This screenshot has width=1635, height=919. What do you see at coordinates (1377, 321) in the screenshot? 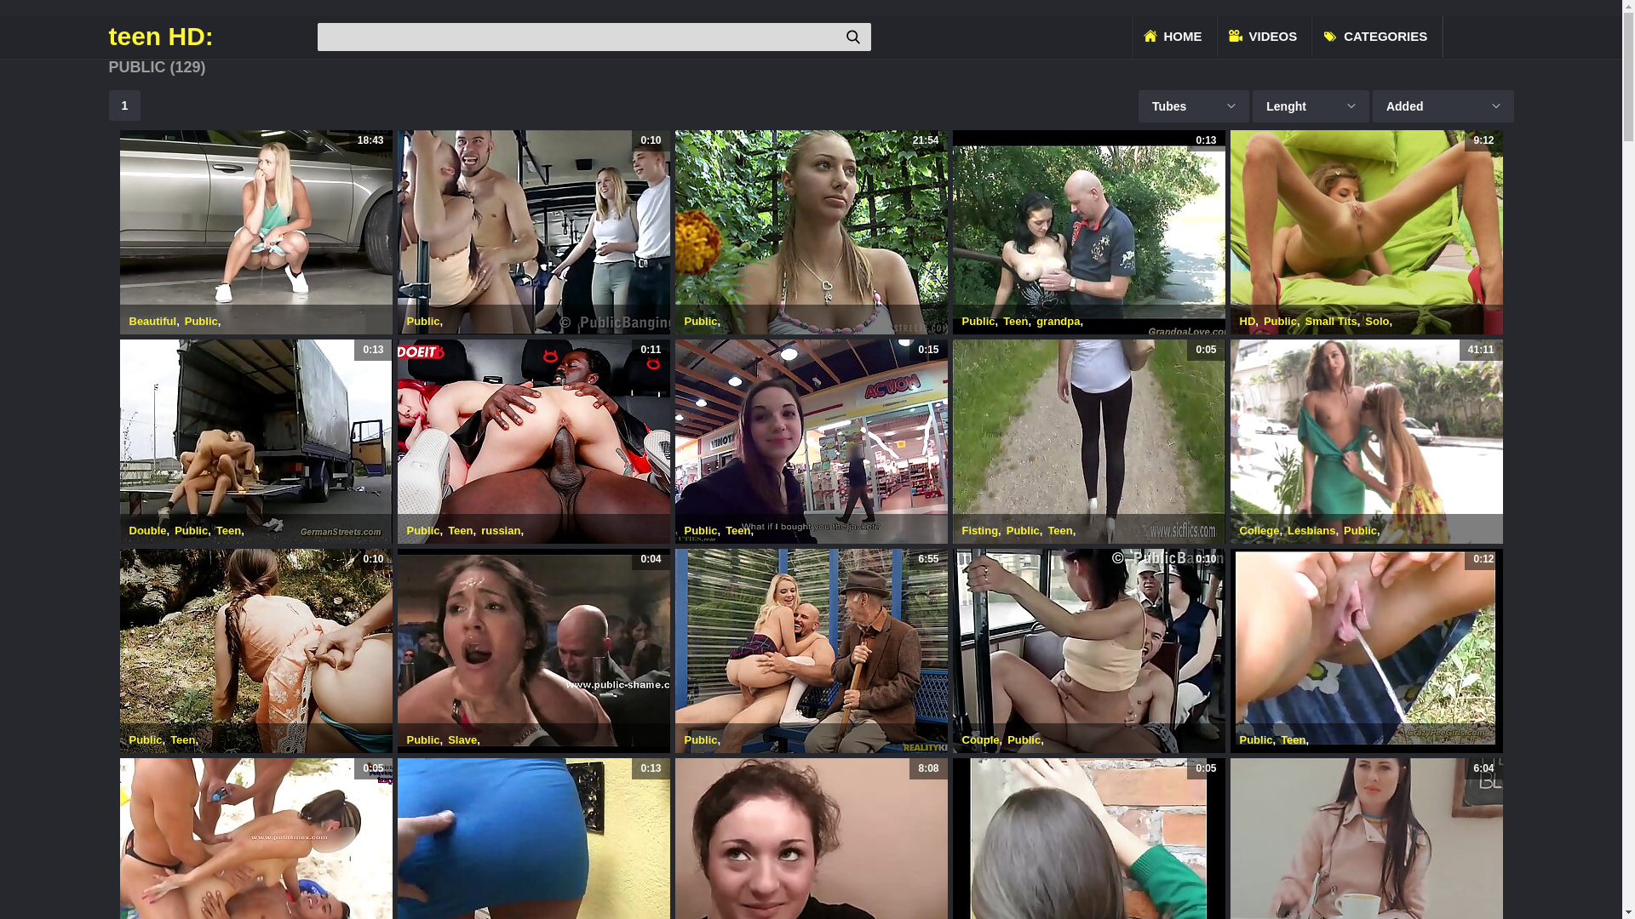
I see `'Solo'` at bounding box center [1377, 321].